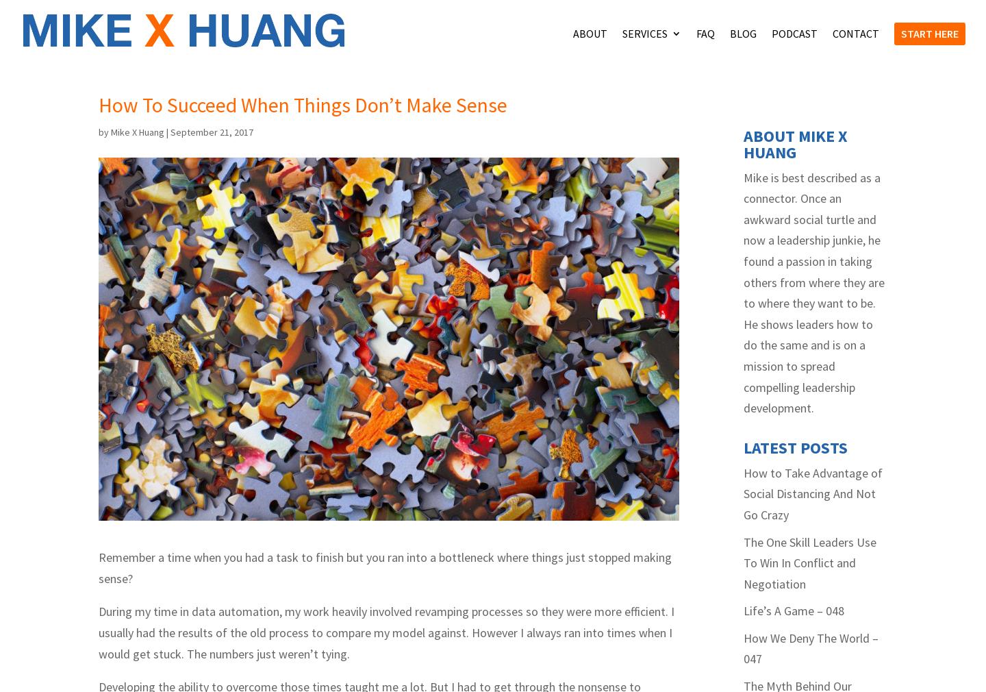 The height and width of the screenshot is (692, 986). Describe the element at coordinates (855, 32) in the screenshot. I see `'Contact'` at that location.